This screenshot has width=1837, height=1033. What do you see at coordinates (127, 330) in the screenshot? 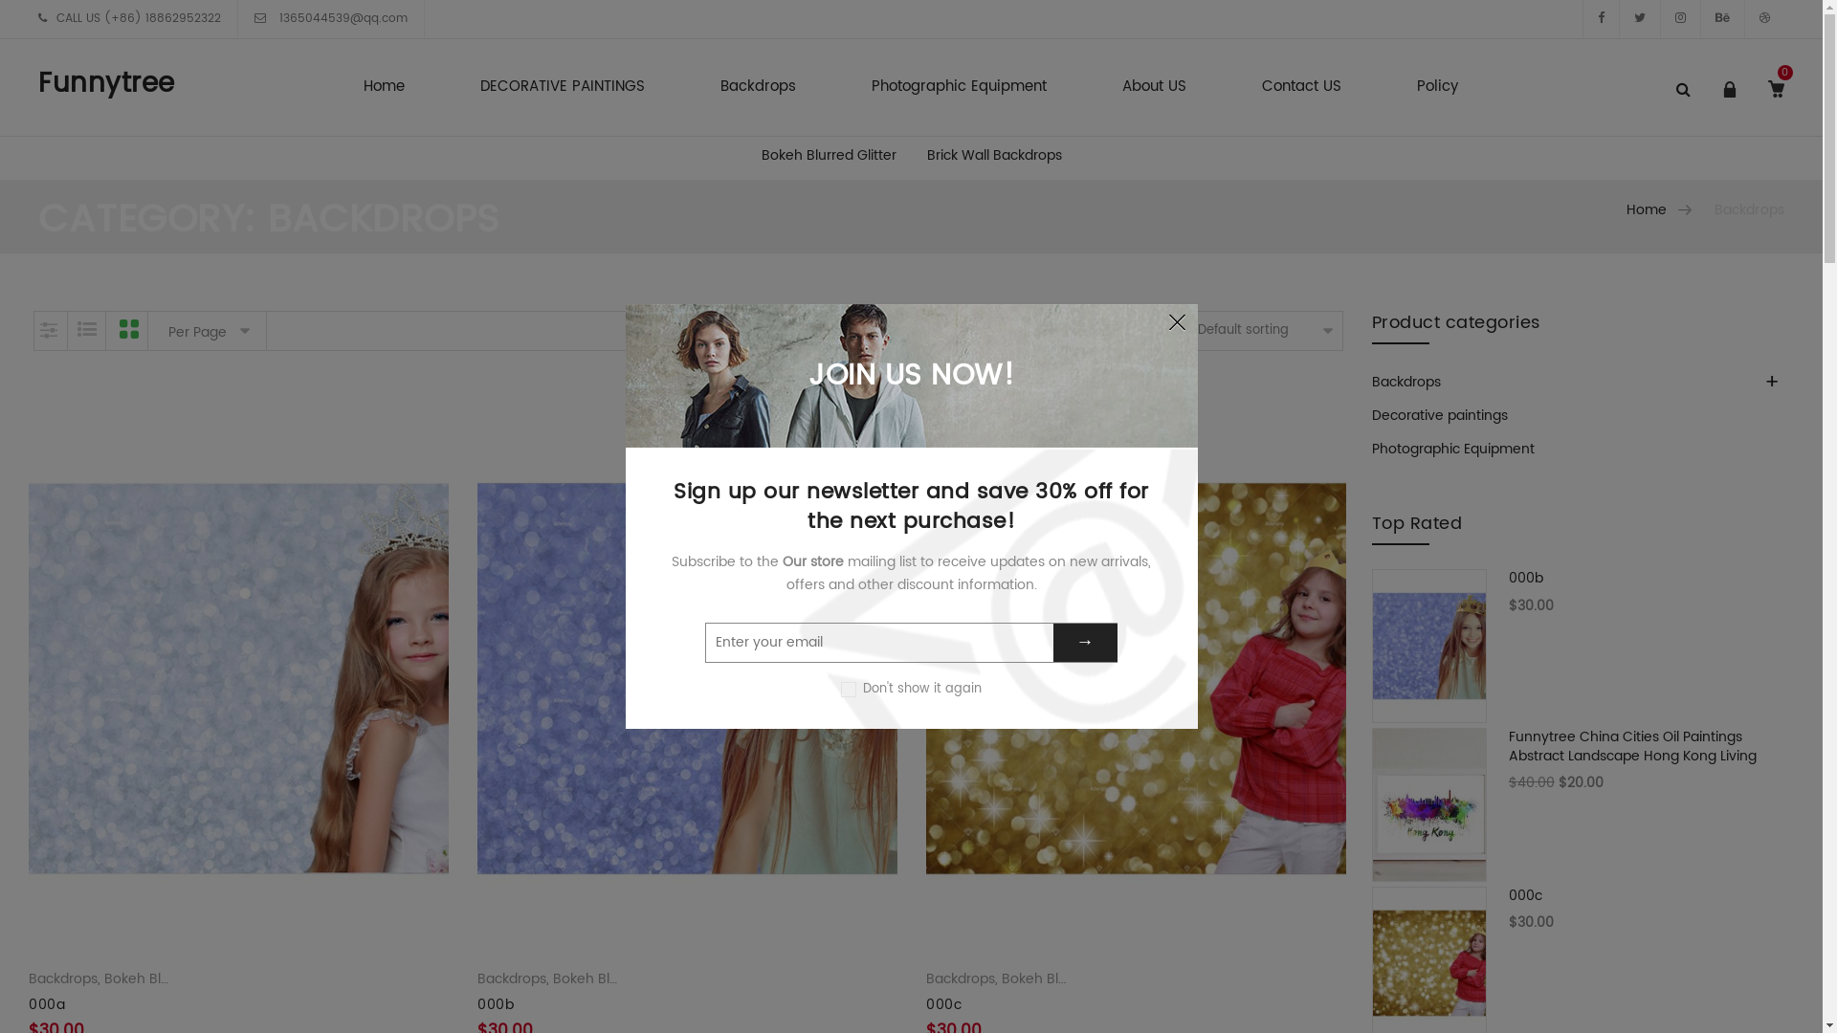
I see `'Grid view'` at bounding box center [127, 330].